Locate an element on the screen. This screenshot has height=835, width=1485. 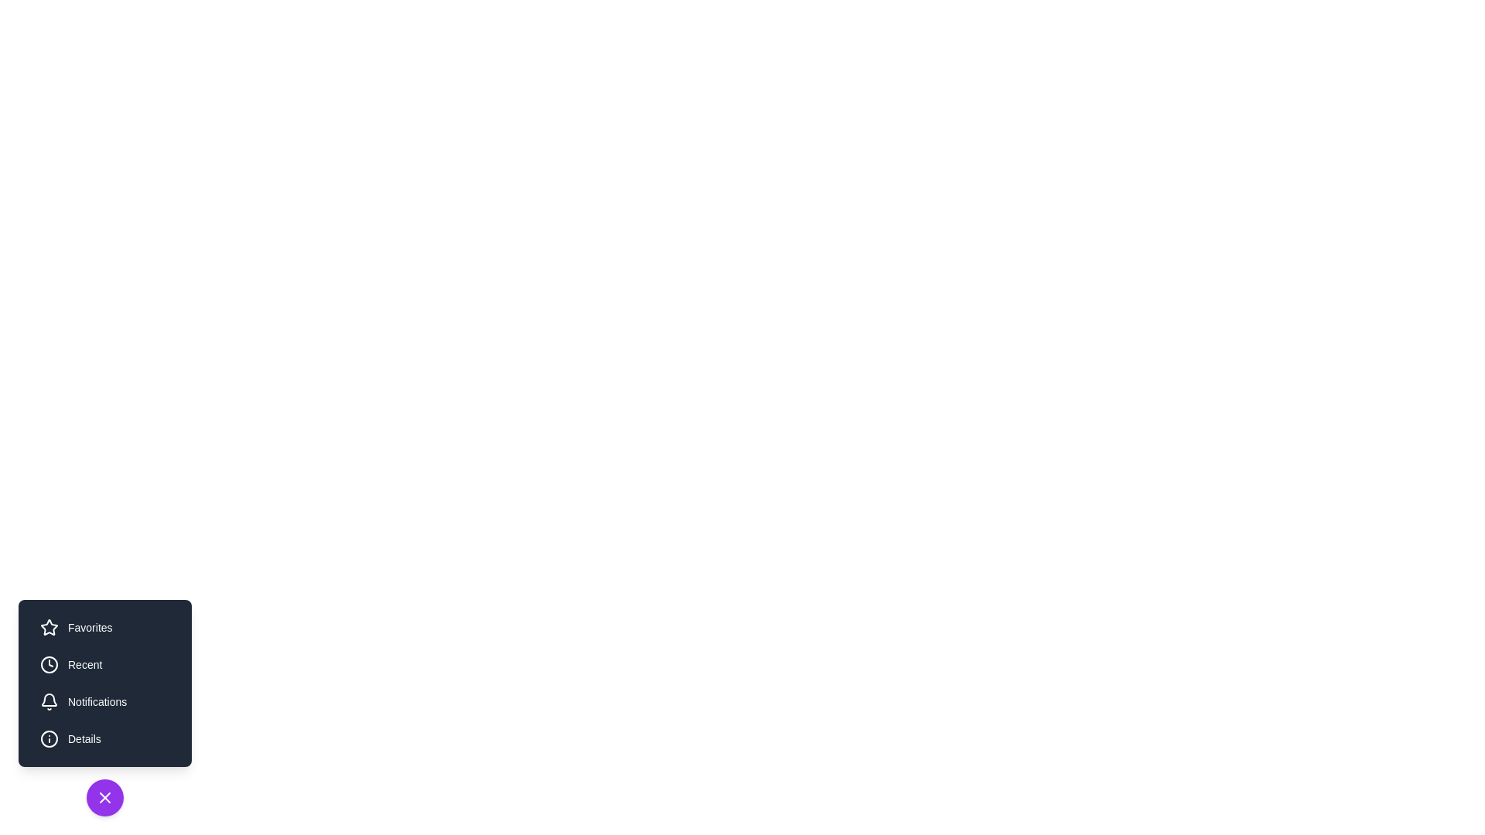
the Notifications button to trigger its action is located at coordinates (104, 701).